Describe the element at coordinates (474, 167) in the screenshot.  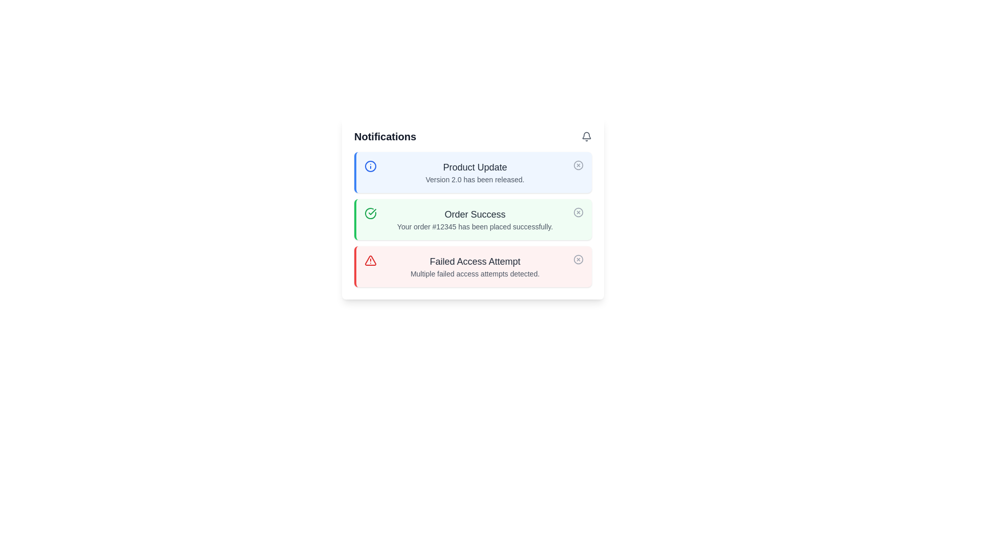
I see `text label displaying 'Product Update' in medium gray font located in the header of the first notification card` at that location.